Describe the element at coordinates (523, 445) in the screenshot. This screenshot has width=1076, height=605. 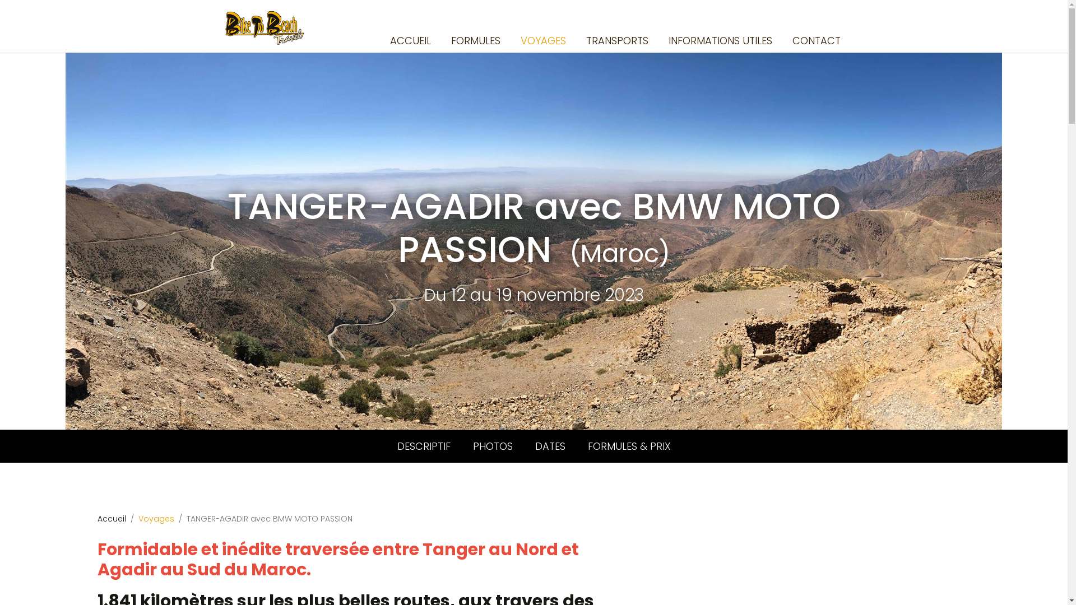
I see `'DATES'` at that location.